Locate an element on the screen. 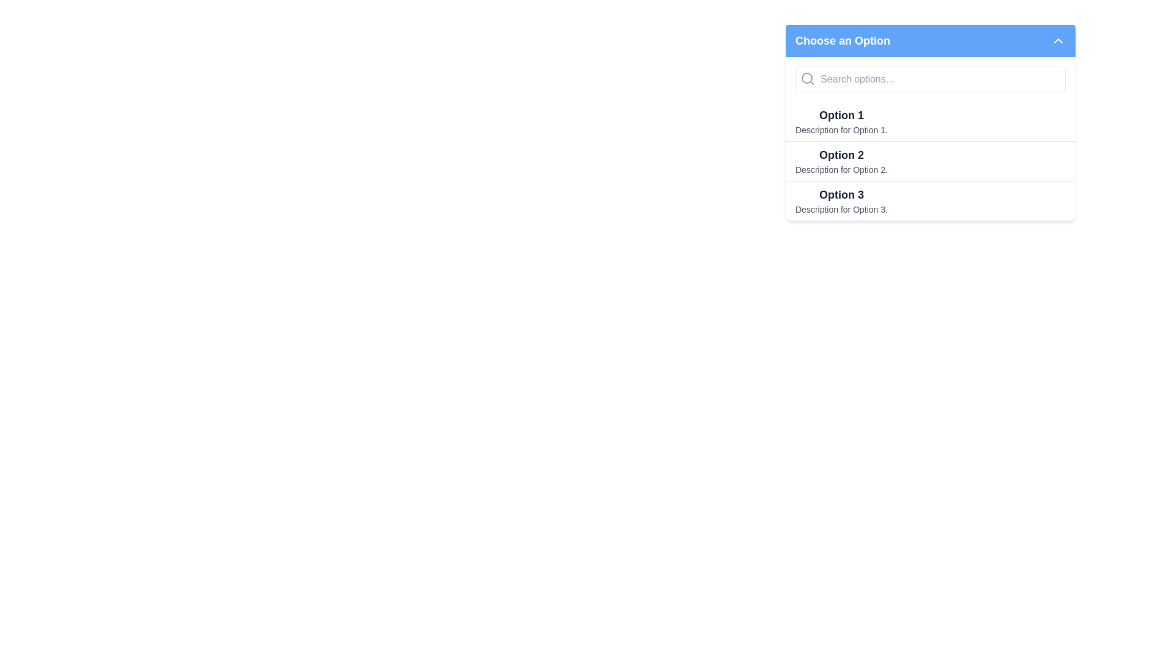 Image resolution: width=1174 pixels, height=660 pixels. the static text label that reads 'Description for Option 2.' located beneath 'Option 2' in the dropdown menu is located at coordinates (841, 169).